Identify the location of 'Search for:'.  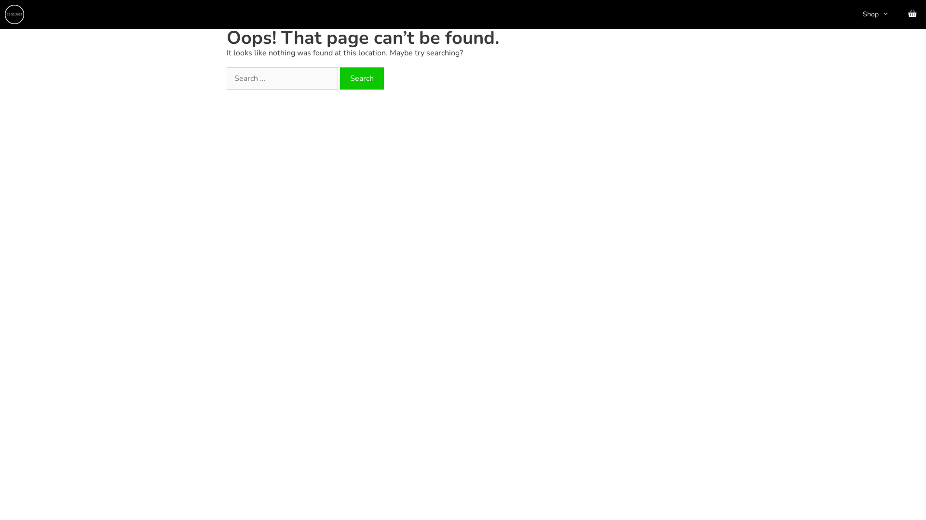
(282, 78).